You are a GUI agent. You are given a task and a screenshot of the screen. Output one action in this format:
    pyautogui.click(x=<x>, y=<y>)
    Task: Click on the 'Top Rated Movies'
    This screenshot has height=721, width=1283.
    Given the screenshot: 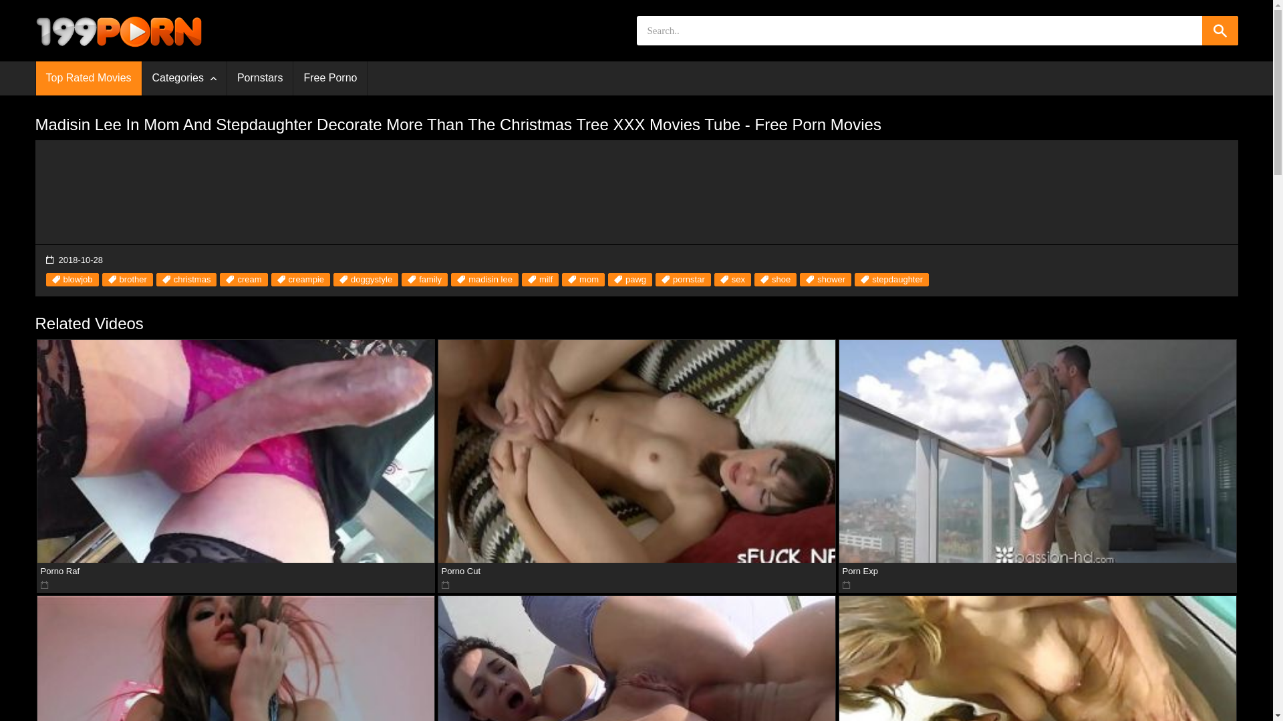 What is the action you would take?
    pyautogui.click(x=88, y=78)
    